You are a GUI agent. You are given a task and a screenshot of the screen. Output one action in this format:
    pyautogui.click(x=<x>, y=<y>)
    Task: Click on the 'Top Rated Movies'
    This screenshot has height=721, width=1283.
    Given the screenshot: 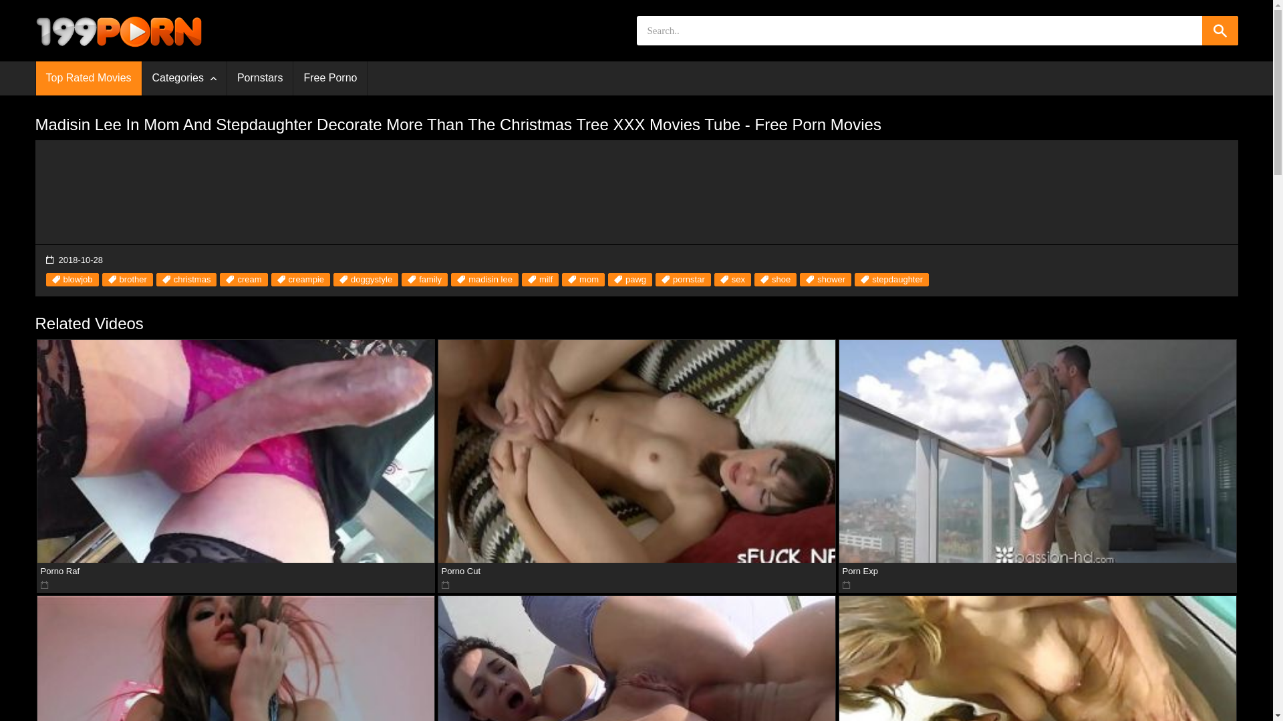 What is the action you would take?
    pyautogui.click(x=88, y=78)
    